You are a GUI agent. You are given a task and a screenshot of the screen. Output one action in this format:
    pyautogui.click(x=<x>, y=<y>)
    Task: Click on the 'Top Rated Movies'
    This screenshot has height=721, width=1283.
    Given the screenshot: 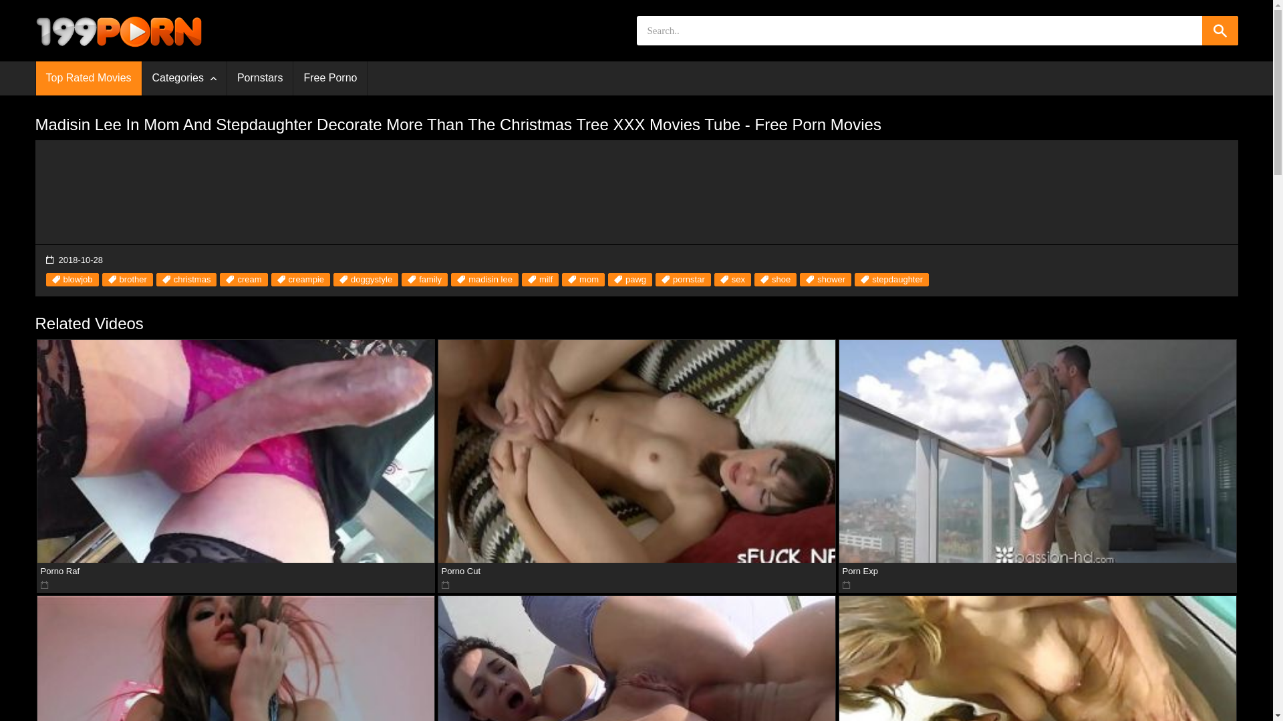 What is the action you would take?
    pyautogui.click(x=88, y=78)
    